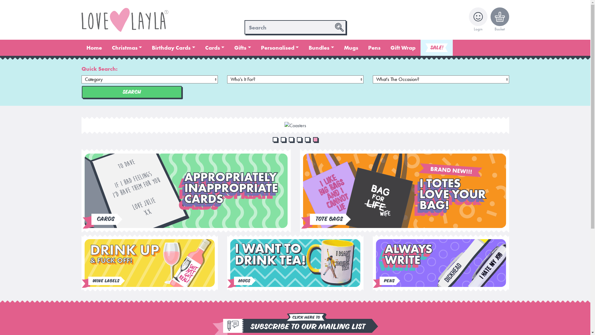 This screenshot has height=335, width=595. I want to click on 'Pens', so click(374, 47).